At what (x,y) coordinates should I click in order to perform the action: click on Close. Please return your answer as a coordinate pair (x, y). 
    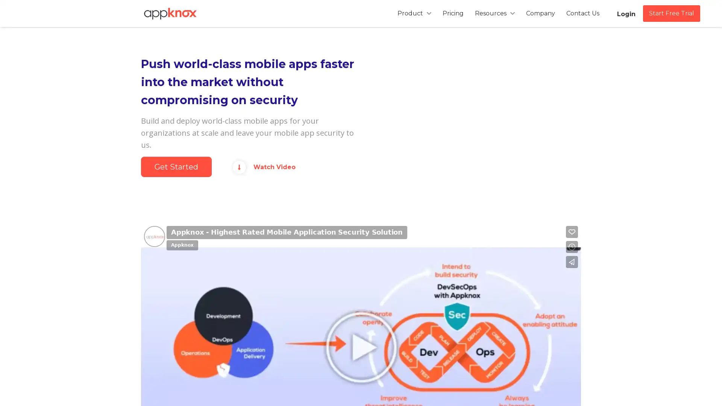
    Looking at the image, I should click on (458, 82).